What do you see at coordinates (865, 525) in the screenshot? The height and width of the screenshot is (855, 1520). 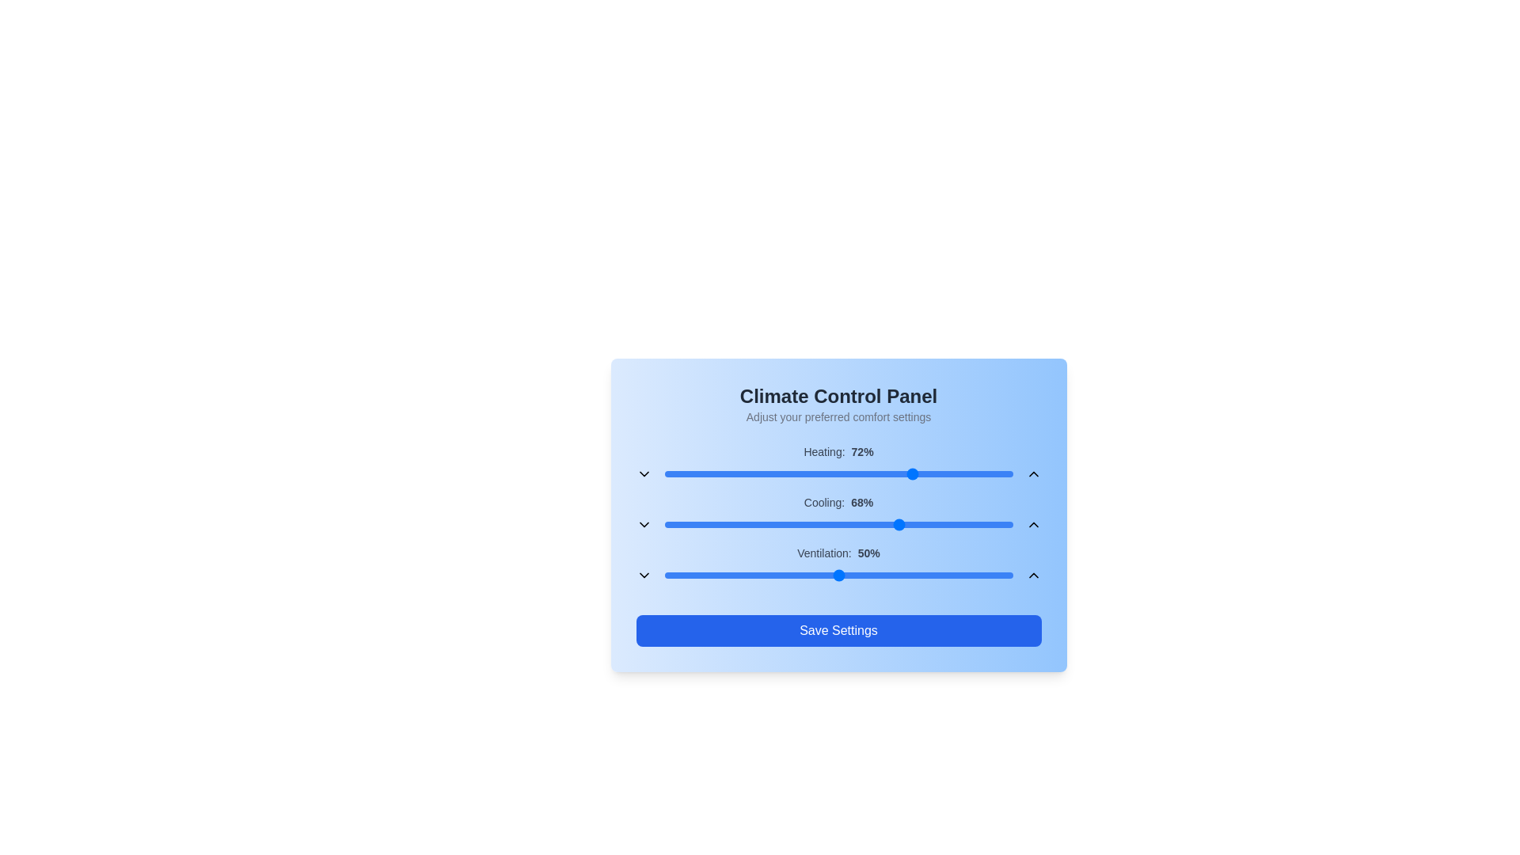 I see `the cooling slider to 58%` at bounding box center [865, 525].